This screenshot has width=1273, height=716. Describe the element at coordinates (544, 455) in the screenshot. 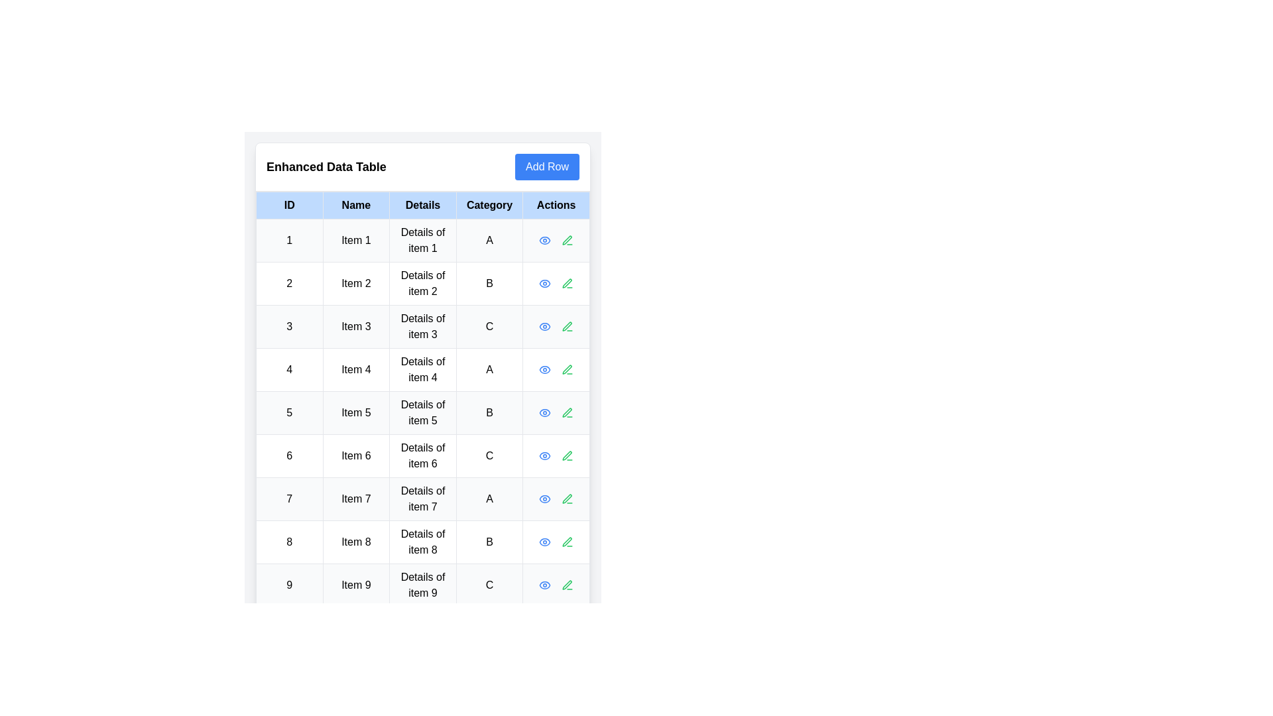

I see `the eye-shaped icon in the 'Actions' column of the table corresponding to 'Item 6'` at that location.